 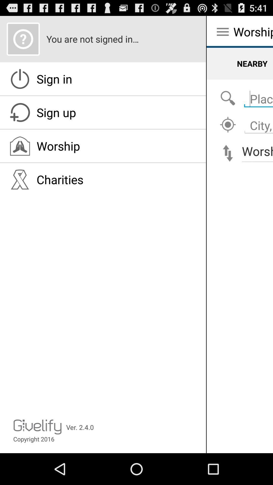 I want to click on the location_crosshair icon, so click(x=228, y=134).